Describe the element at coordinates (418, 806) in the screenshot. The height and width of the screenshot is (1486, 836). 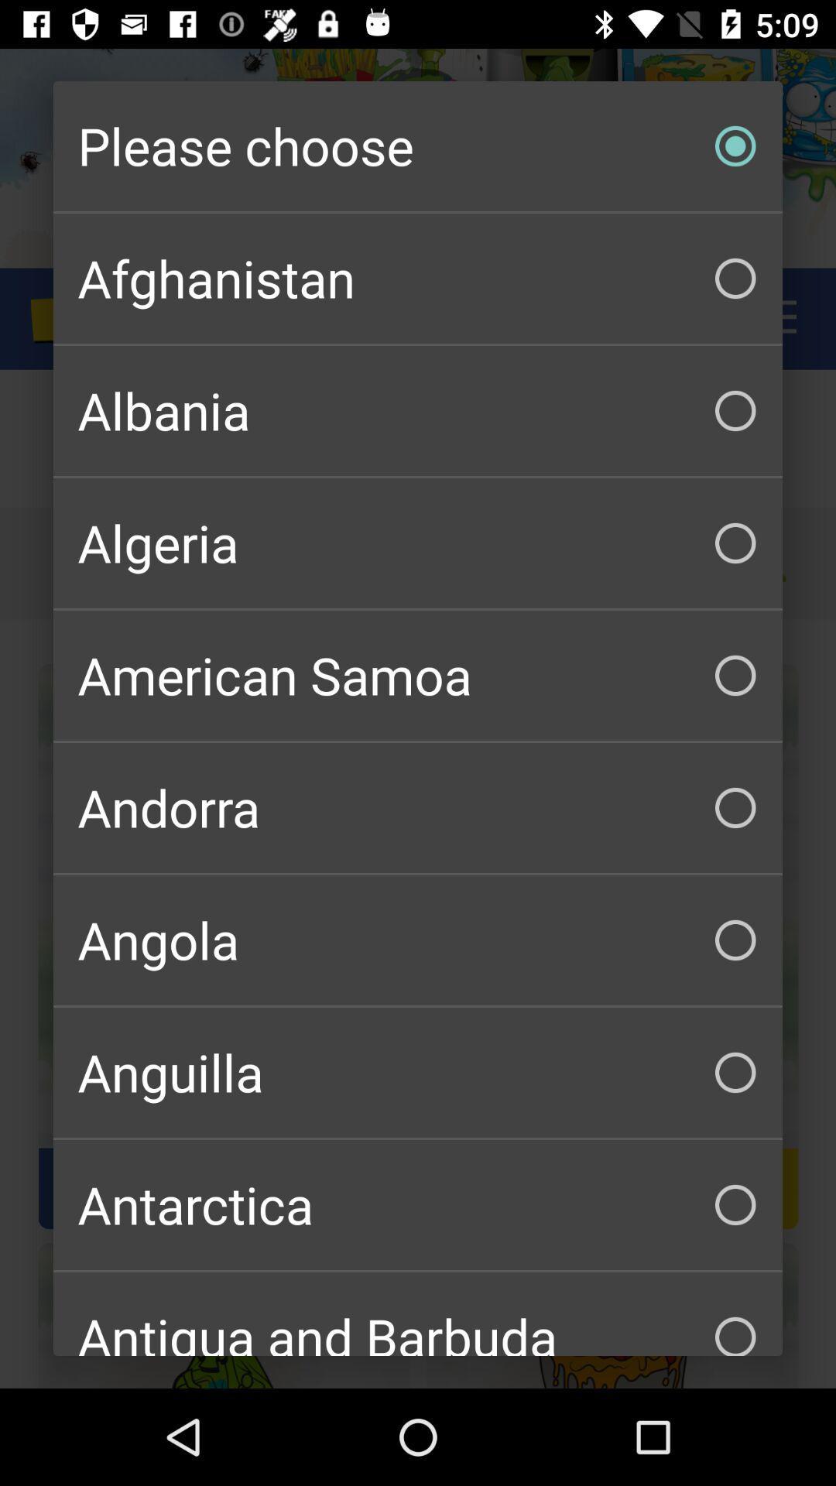
I see `the icon above angola` at that location.